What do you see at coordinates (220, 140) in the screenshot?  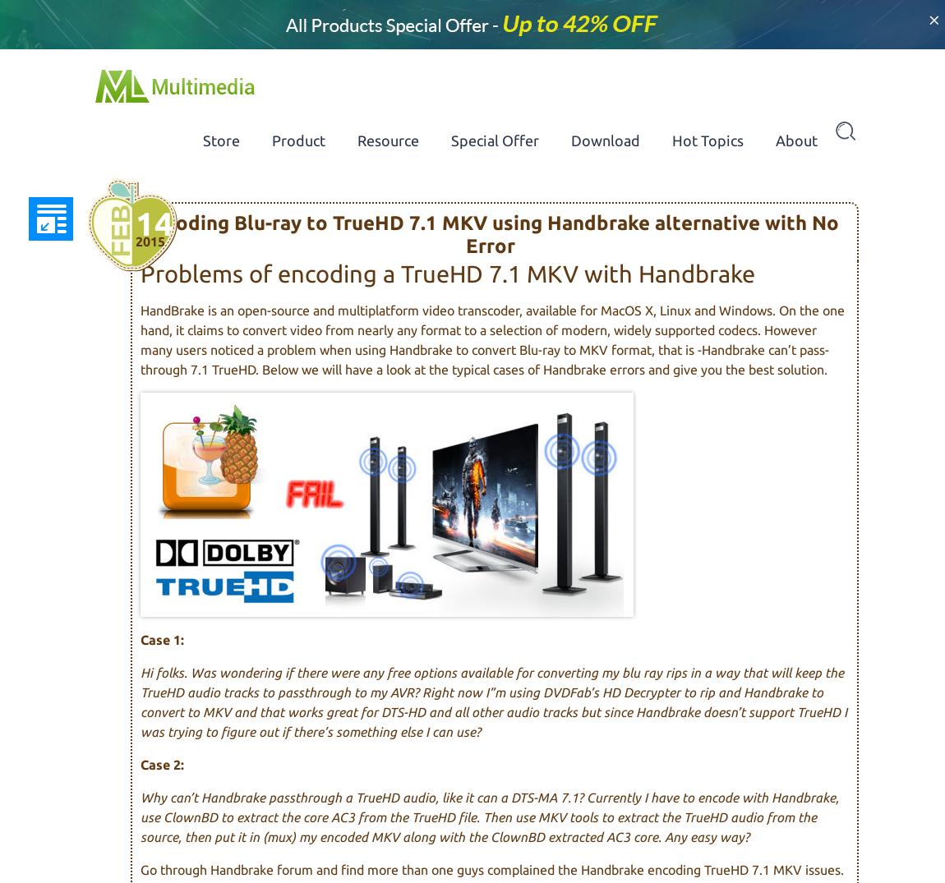 I see `'Store'` at bounding box center [220, 140].